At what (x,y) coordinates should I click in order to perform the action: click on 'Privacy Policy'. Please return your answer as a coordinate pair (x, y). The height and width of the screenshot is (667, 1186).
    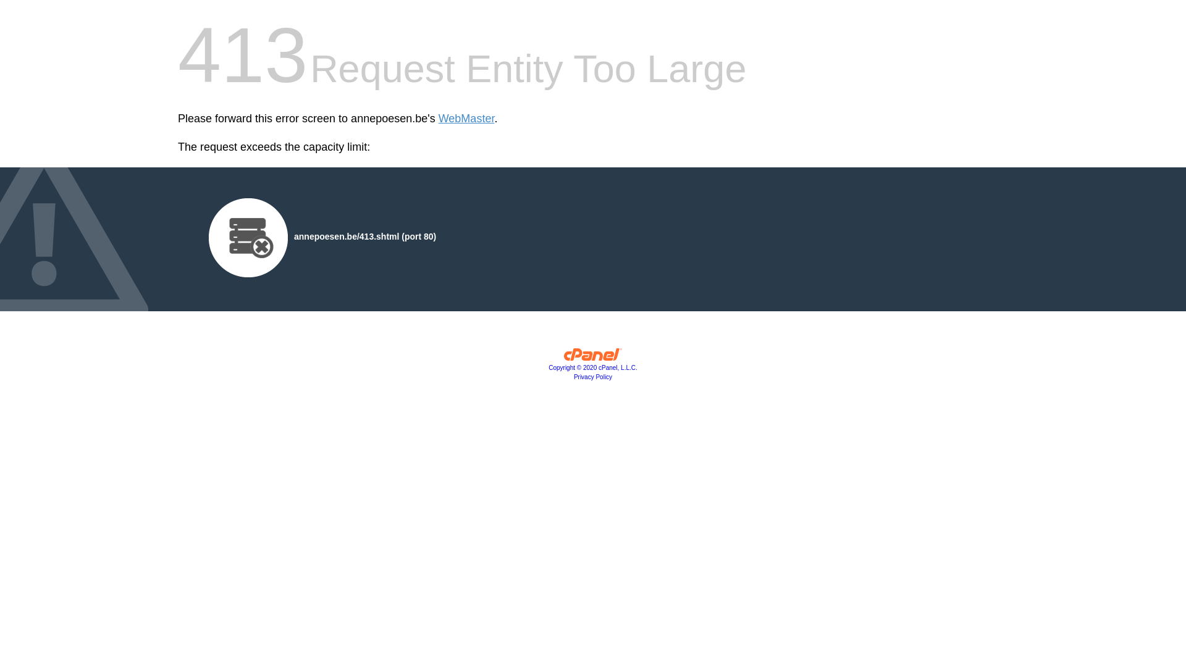
    Looking at the image, I should click on (593, 376).